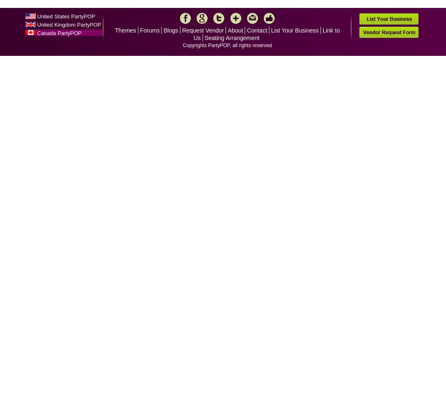 This screenshot has width=446, height=417. What do you see at coordinates (59, 33) in the screenshot?
I see `'Canada PartyPOP'` at bounding box center [59, 33].